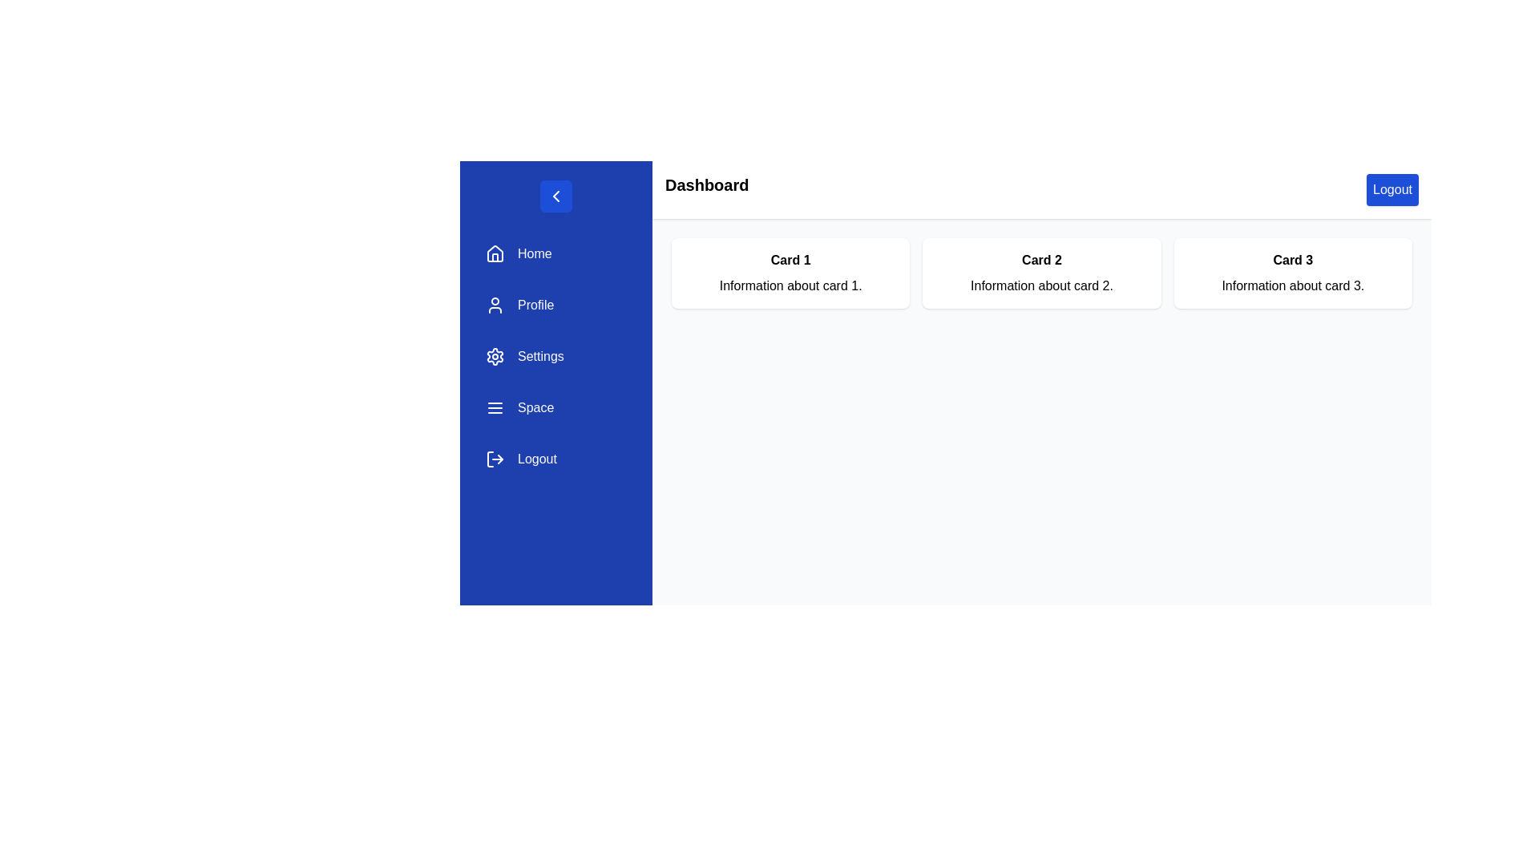  What do you see at coordinates (535, 306) in the screenshot?
I see `the Text label in the navigation menu, which is the second item below 'Home' and above 'Settings'` at bounding box center [535, 306].